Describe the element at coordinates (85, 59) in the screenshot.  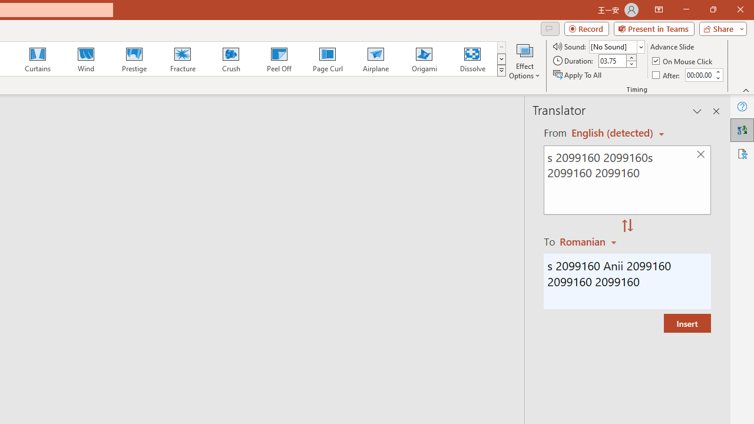
I see `'Wind'` at that location.